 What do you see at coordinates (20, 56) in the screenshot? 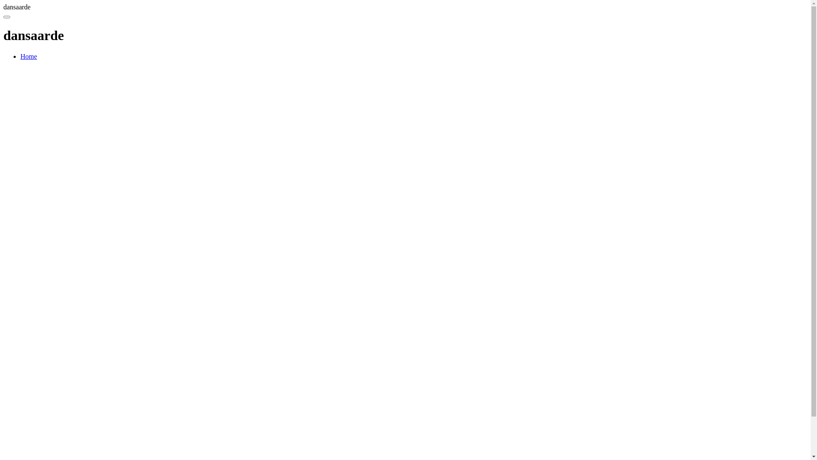
I see `'Home'` at bounding box center [20, 56].